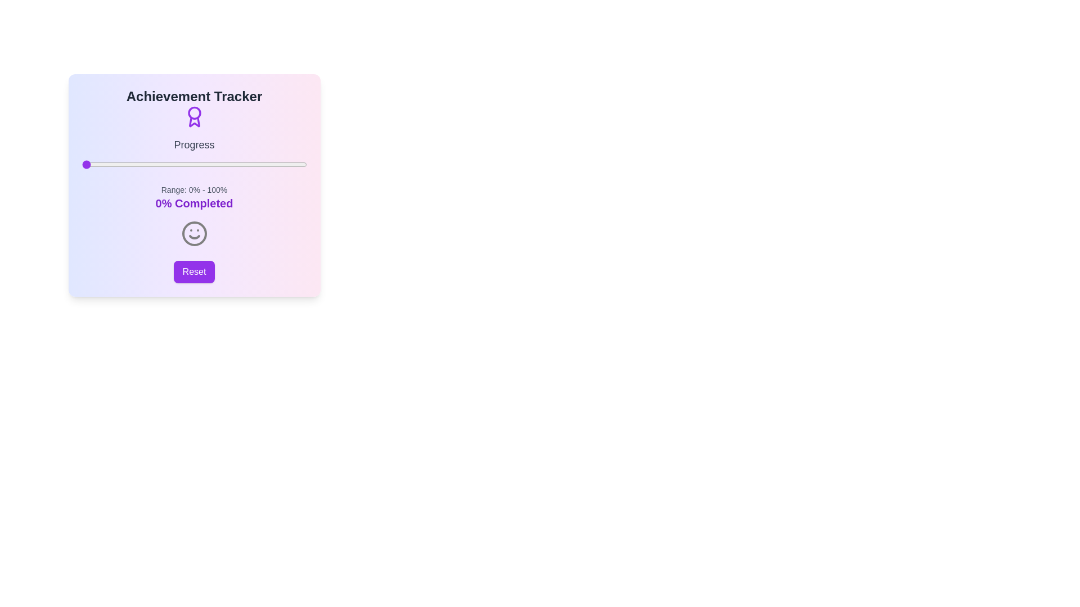  Describe the element at coordinates (157, 165) in the screenshot. I see `the progress slider to 34%` at that location.